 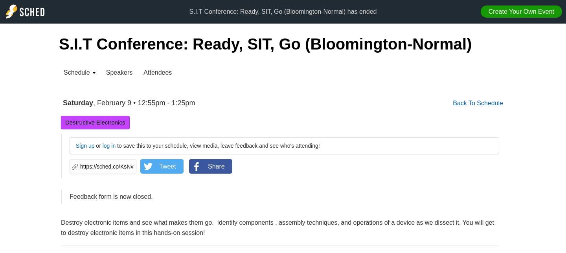 I want to click on 'Create Your Own Event', so click(x=520, y=11).